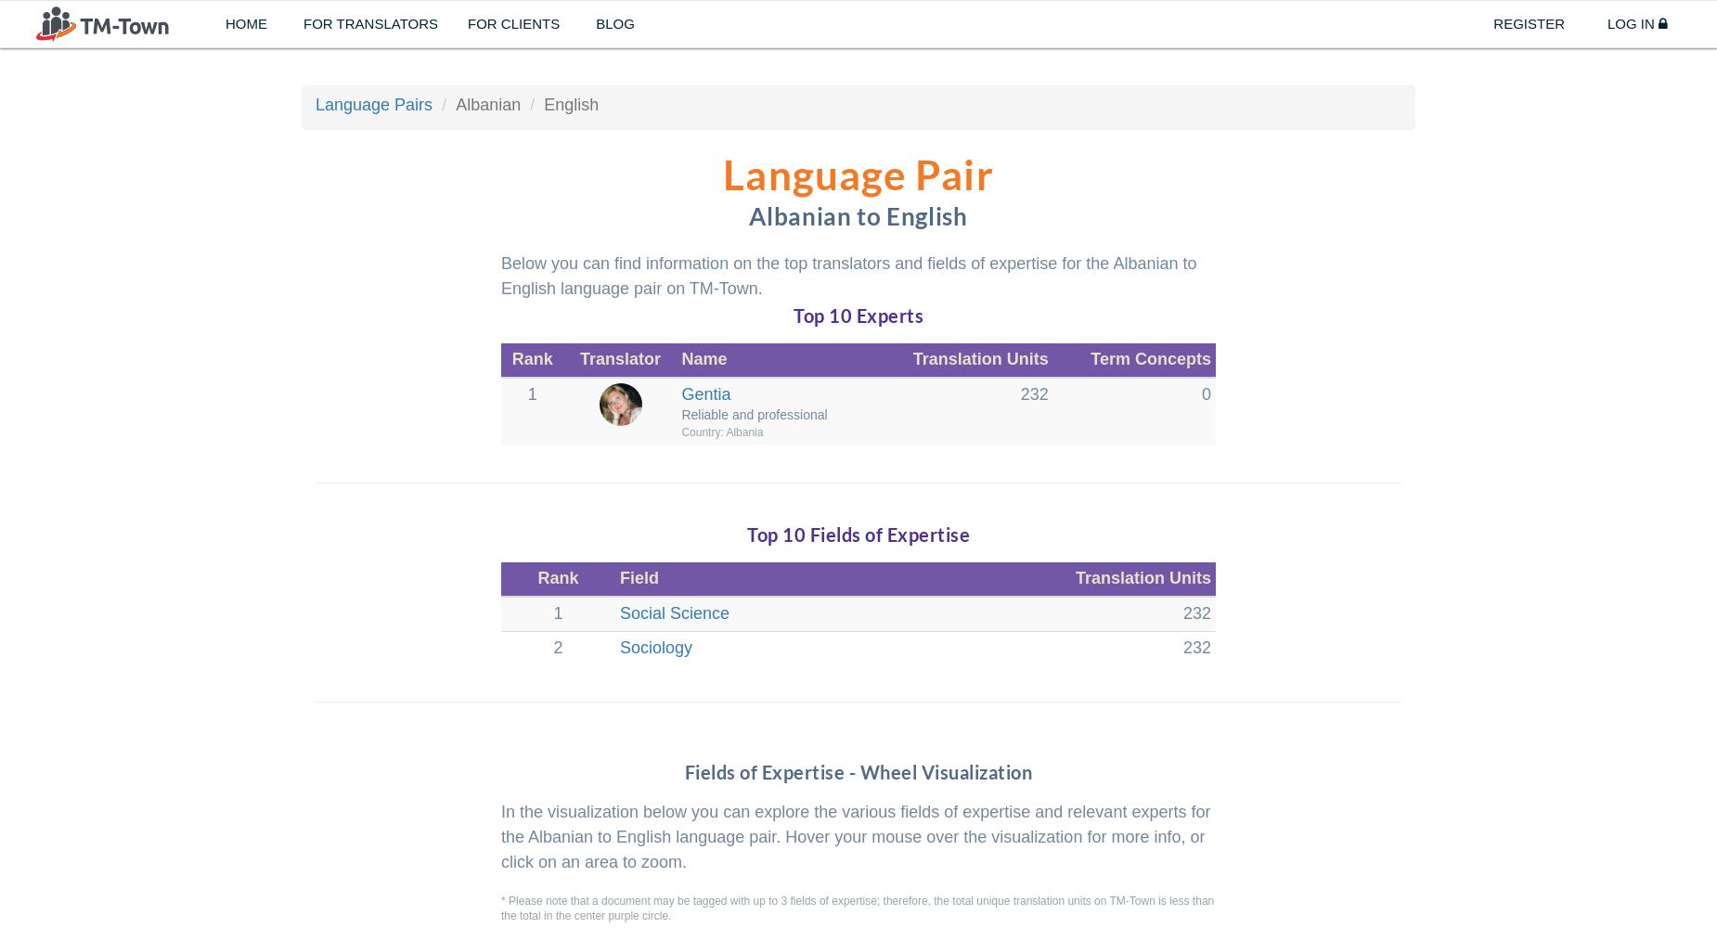 The image size is (1717, 928). What do you see at coordinates (501, 275) in the screenshot?
I see `'Below you can find information on the top translators and fields of expertise for the Albanian to English language pair on TM-Town.'` at bounding box center [501, 275].